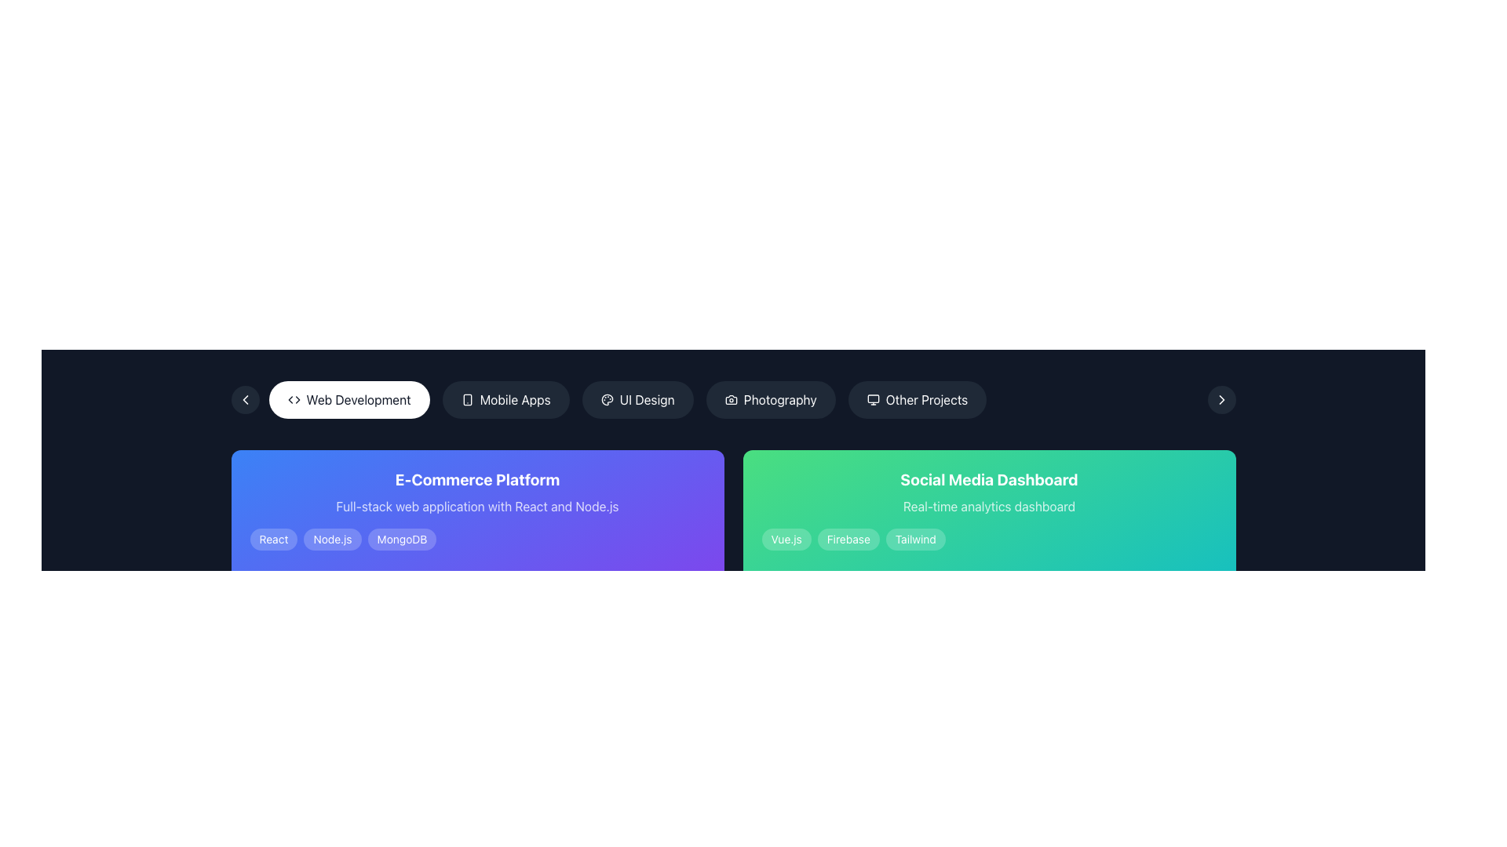 The image size is (1507, 847). What do you see at coordinates (1221, 398) in the screenshot?
I see `the chevron icon located in the top-right corner of the interface` at bounding box center [1221, 398].